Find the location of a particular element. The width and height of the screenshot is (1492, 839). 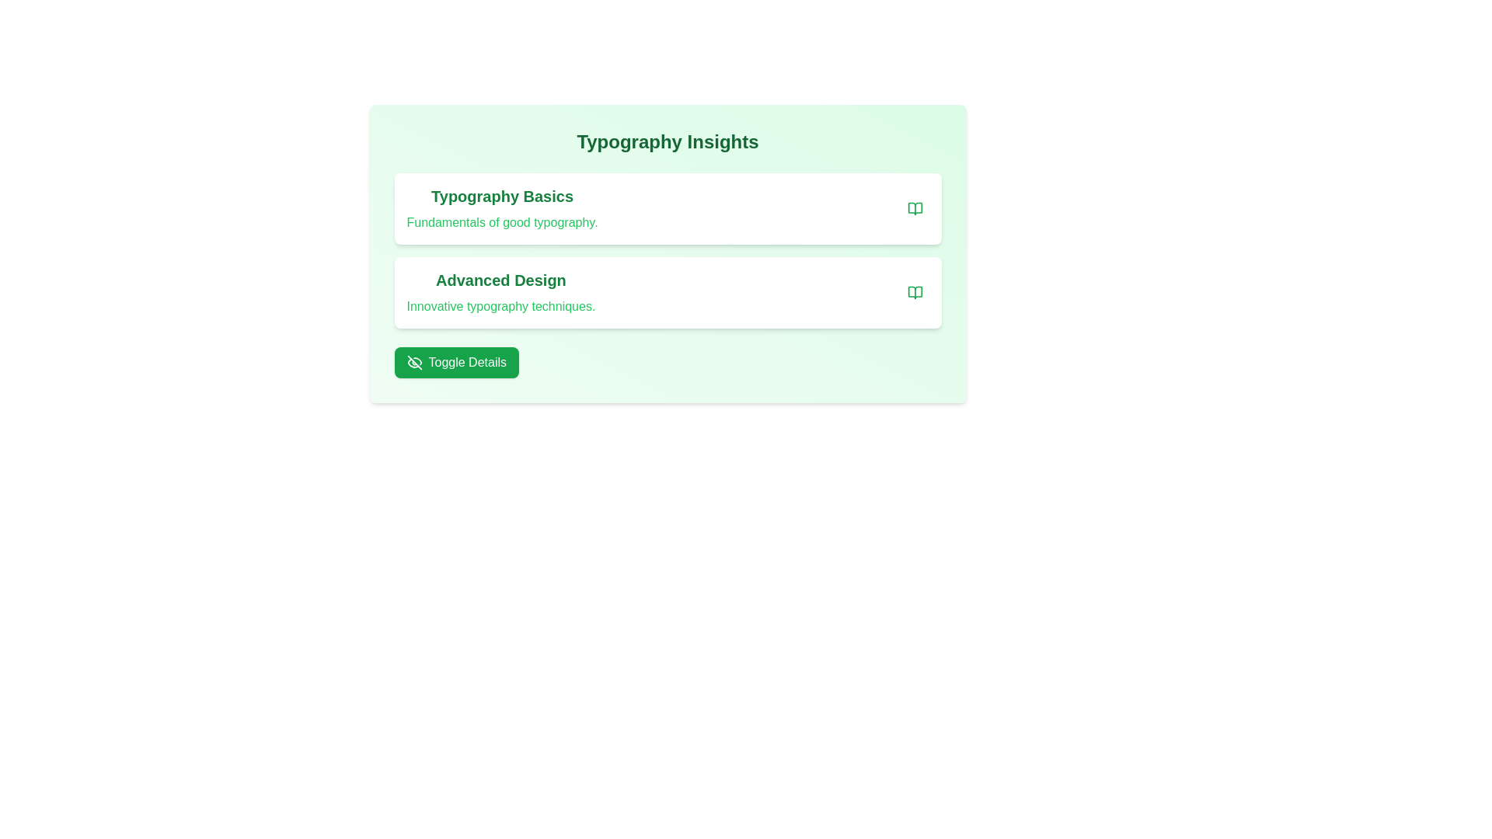

the 'Toggle Details' button located at the bottom center of the interface panel is located at coordinates (414, 362).